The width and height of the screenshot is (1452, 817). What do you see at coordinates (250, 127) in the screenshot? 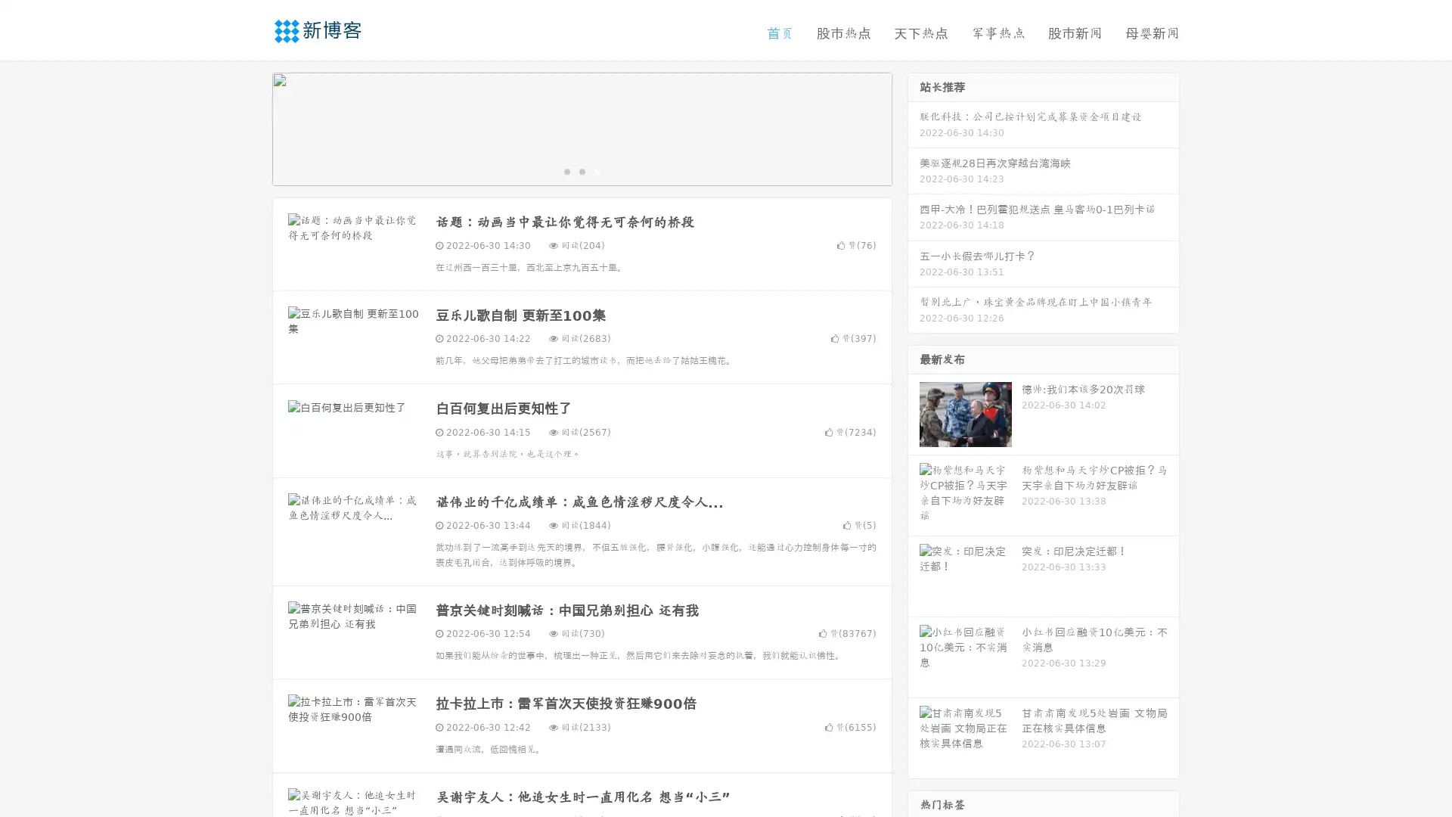
I see `Previous slide` at bounding box center [250, 127].